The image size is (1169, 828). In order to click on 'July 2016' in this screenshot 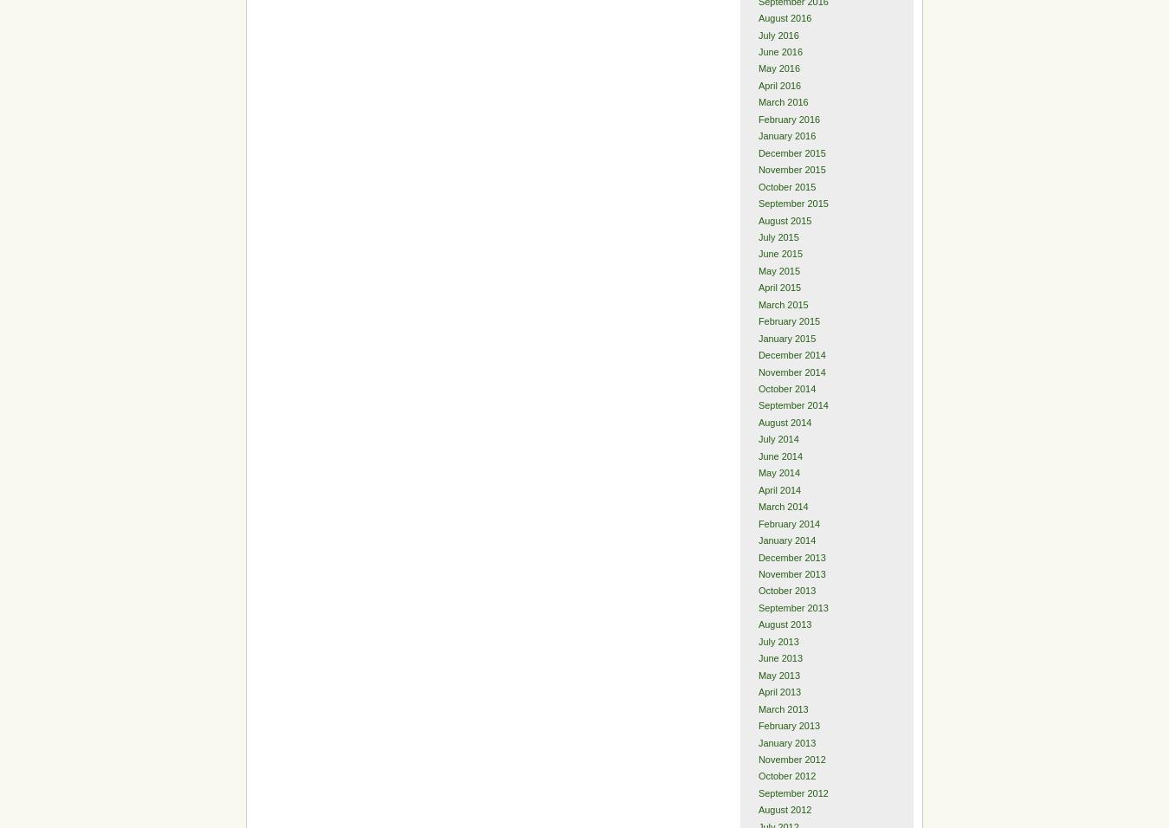, I will do `click(778, 33)`.